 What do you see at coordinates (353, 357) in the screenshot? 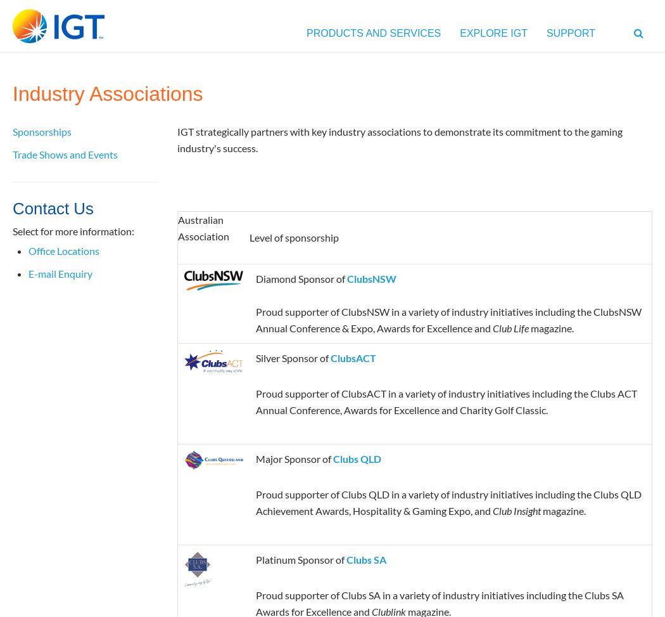
I see `'ClubsACT'` at bounding box center [353, 357].